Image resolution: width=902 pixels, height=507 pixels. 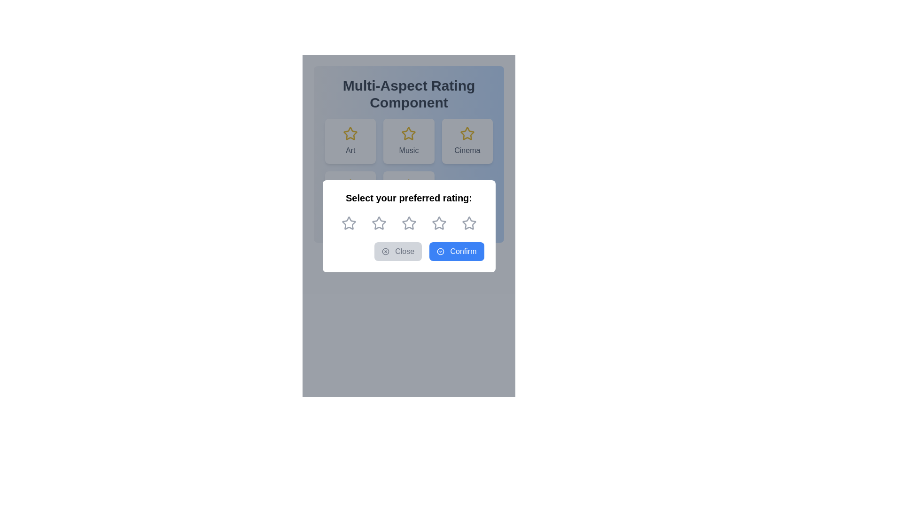 I want to click on the fourth star icon in the 5-point rating scale, so click(x=438, y=223).